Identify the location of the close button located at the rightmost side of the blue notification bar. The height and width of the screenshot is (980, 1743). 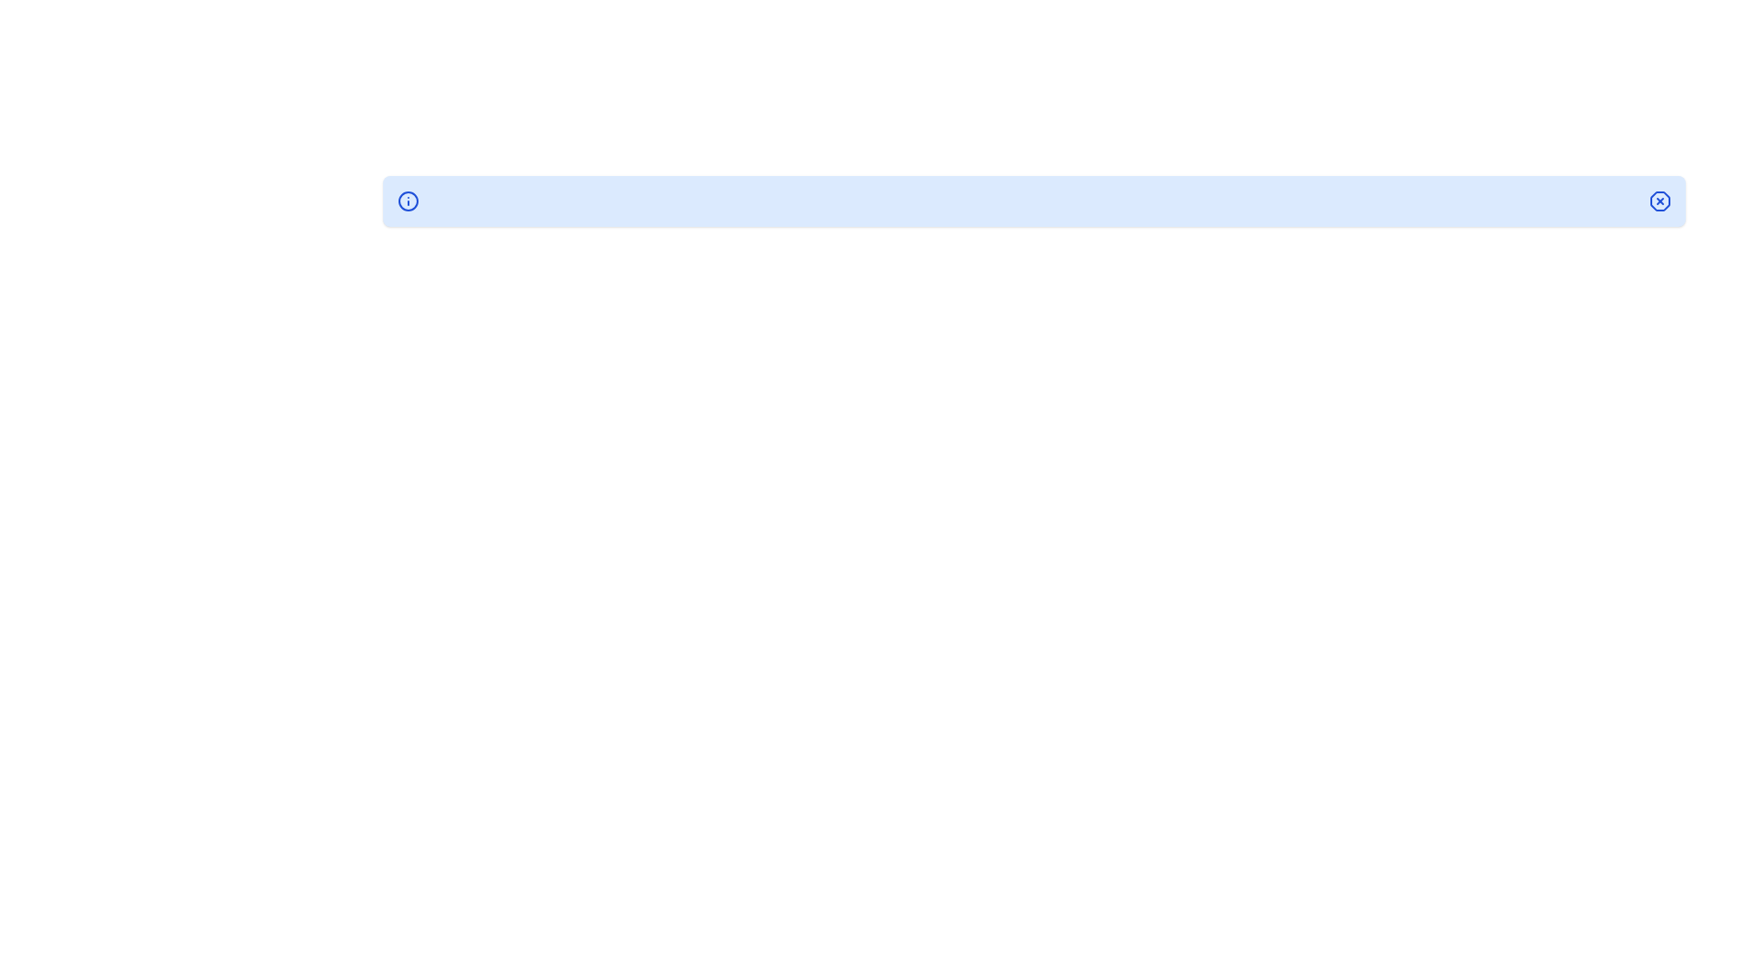
(1659, 201).